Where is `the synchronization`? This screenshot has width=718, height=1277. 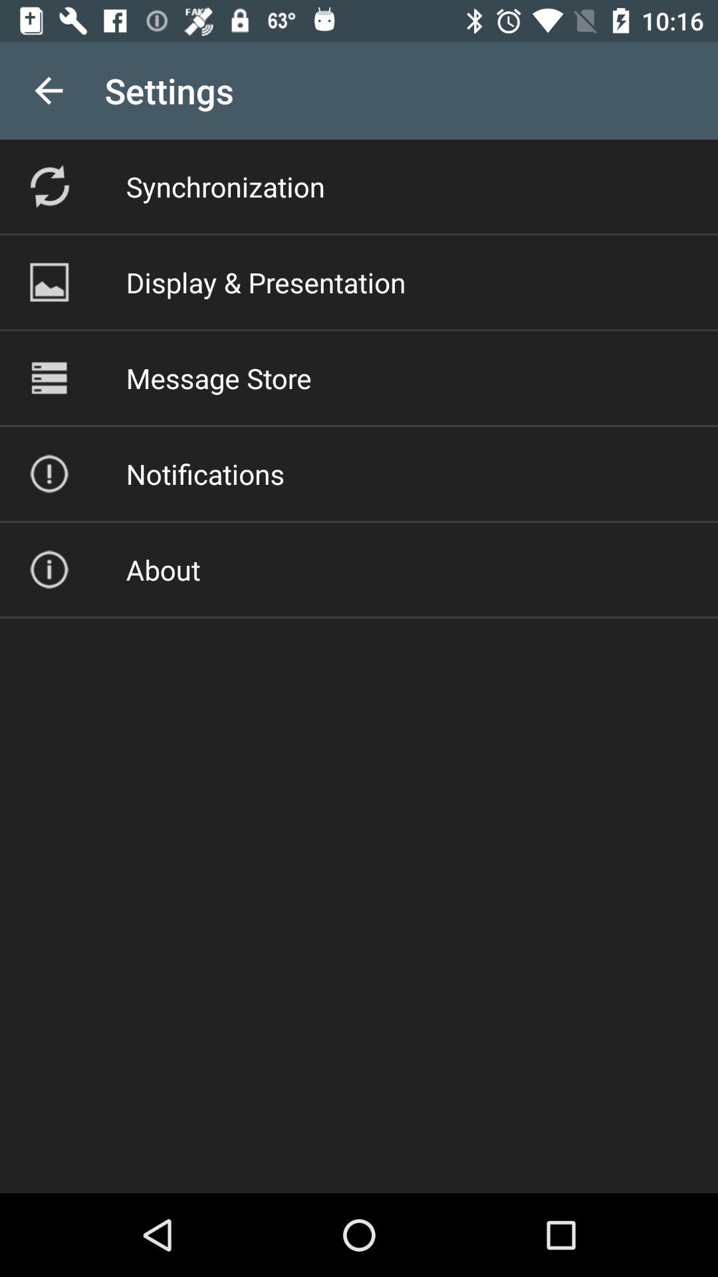
the synchronization is located at coordinates (225, 186).